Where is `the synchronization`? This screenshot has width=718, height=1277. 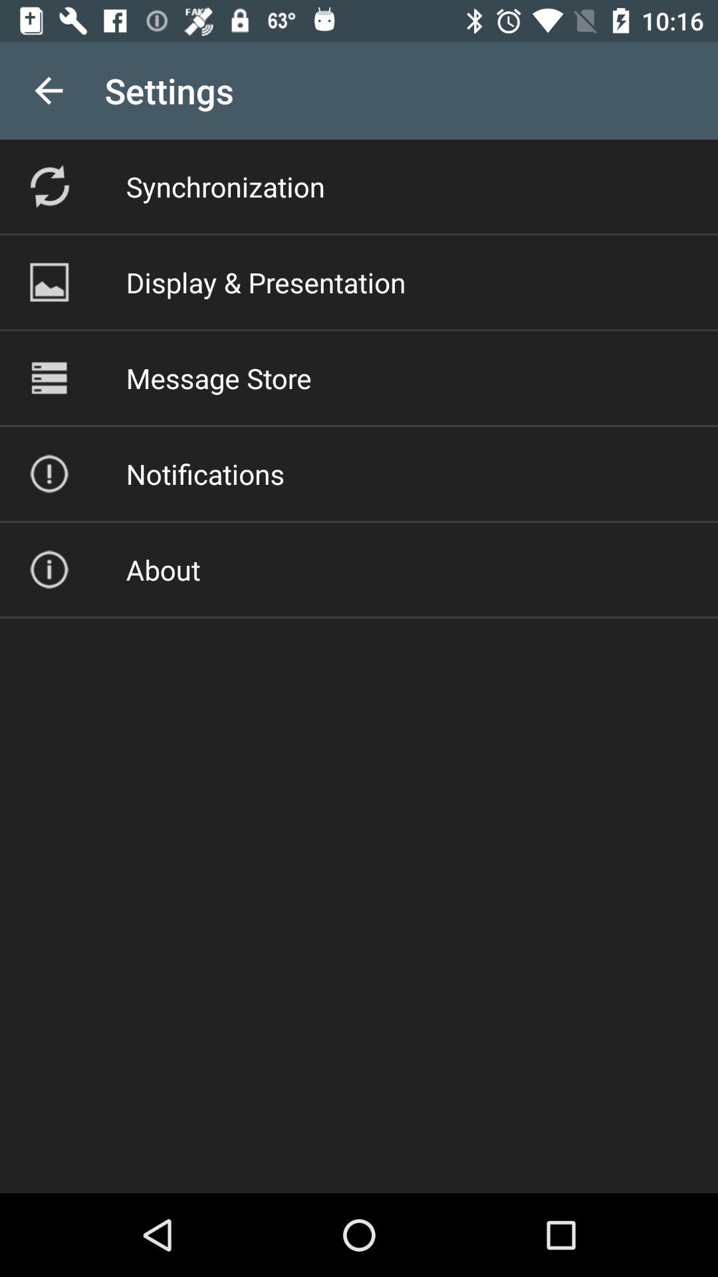
the synchronization is located at coordinates (225, 186).